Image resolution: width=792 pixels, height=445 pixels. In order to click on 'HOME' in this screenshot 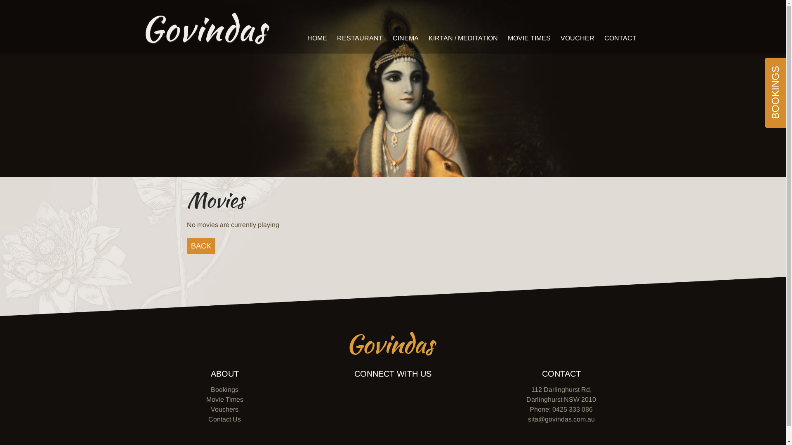, I will do `click(316, 38)`.